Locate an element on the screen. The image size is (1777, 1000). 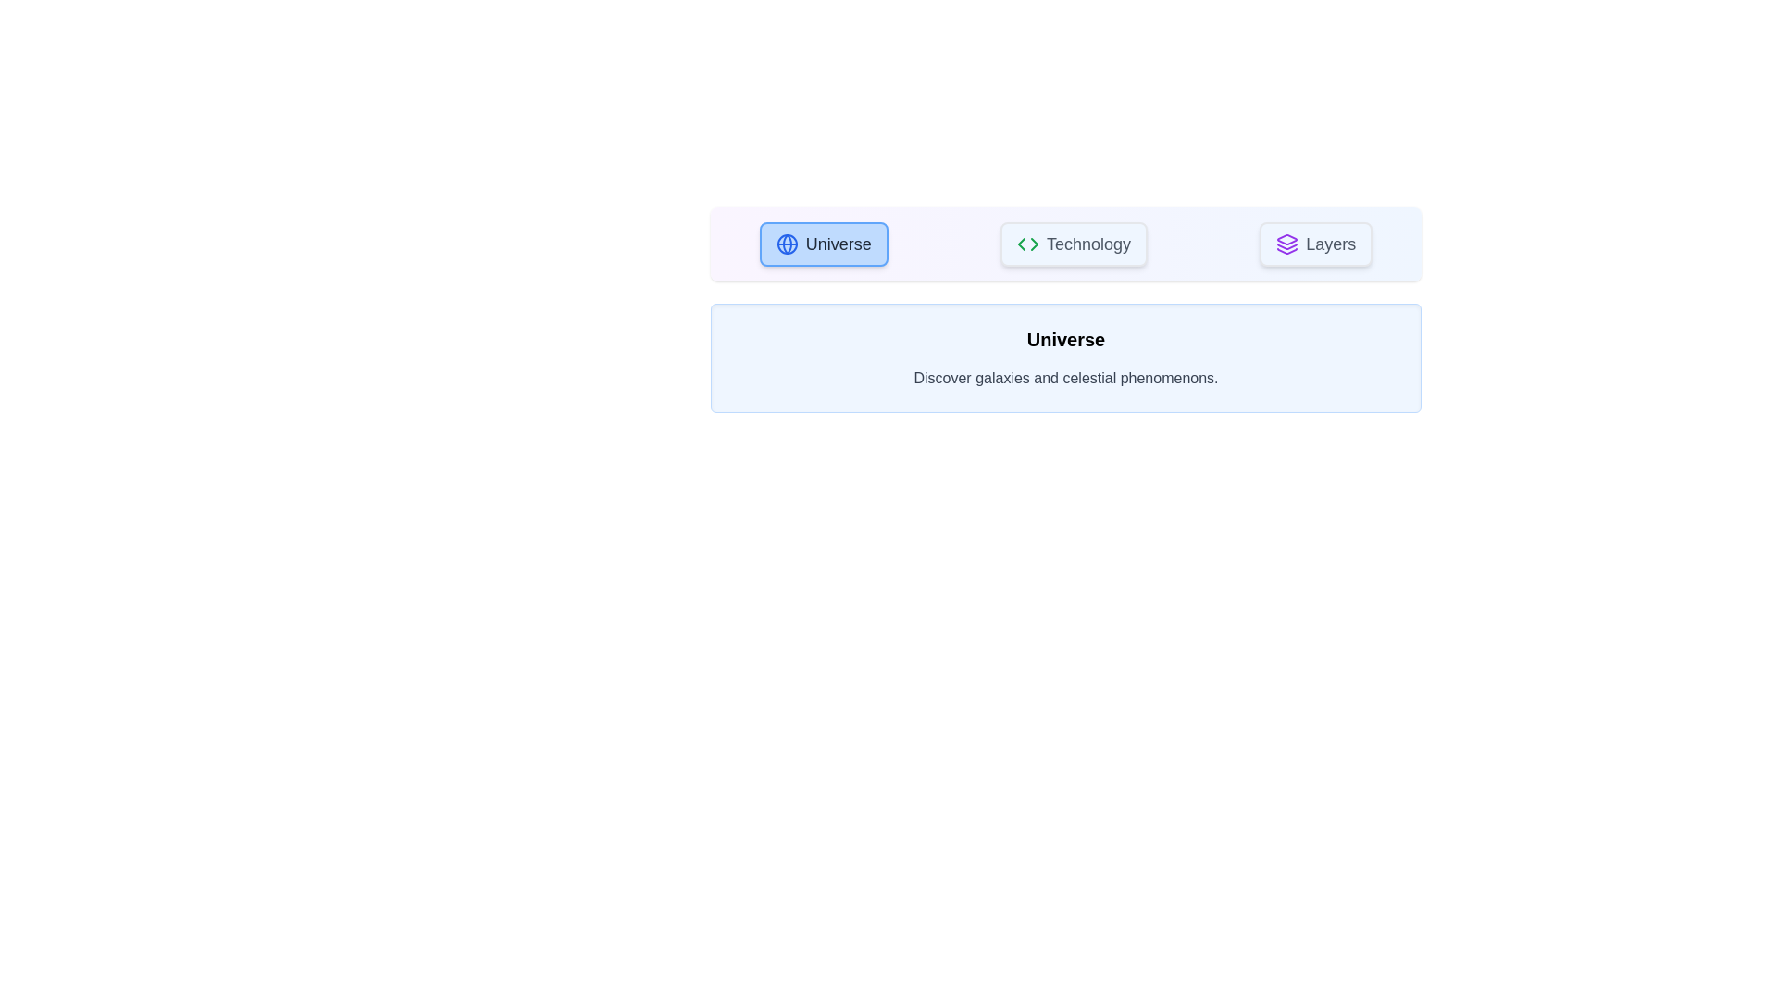
the description text to select it is located at coordinates (1066, 377).